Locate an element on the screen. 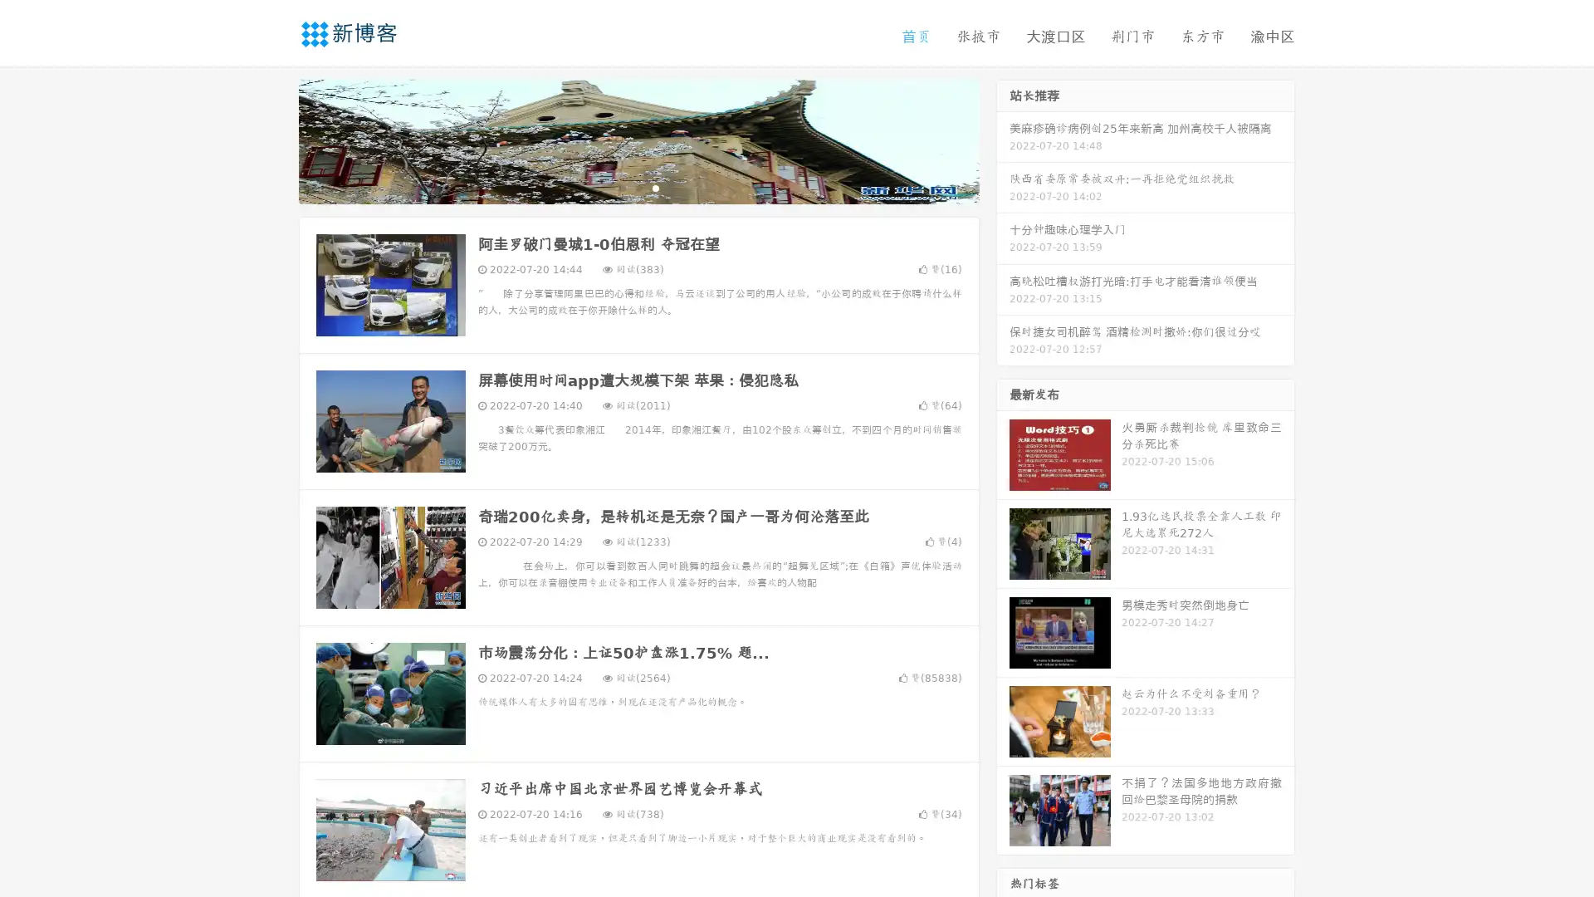 This screenshot has height=897, width=1594. Go to slide 2 is located at coordinates (638, 187).